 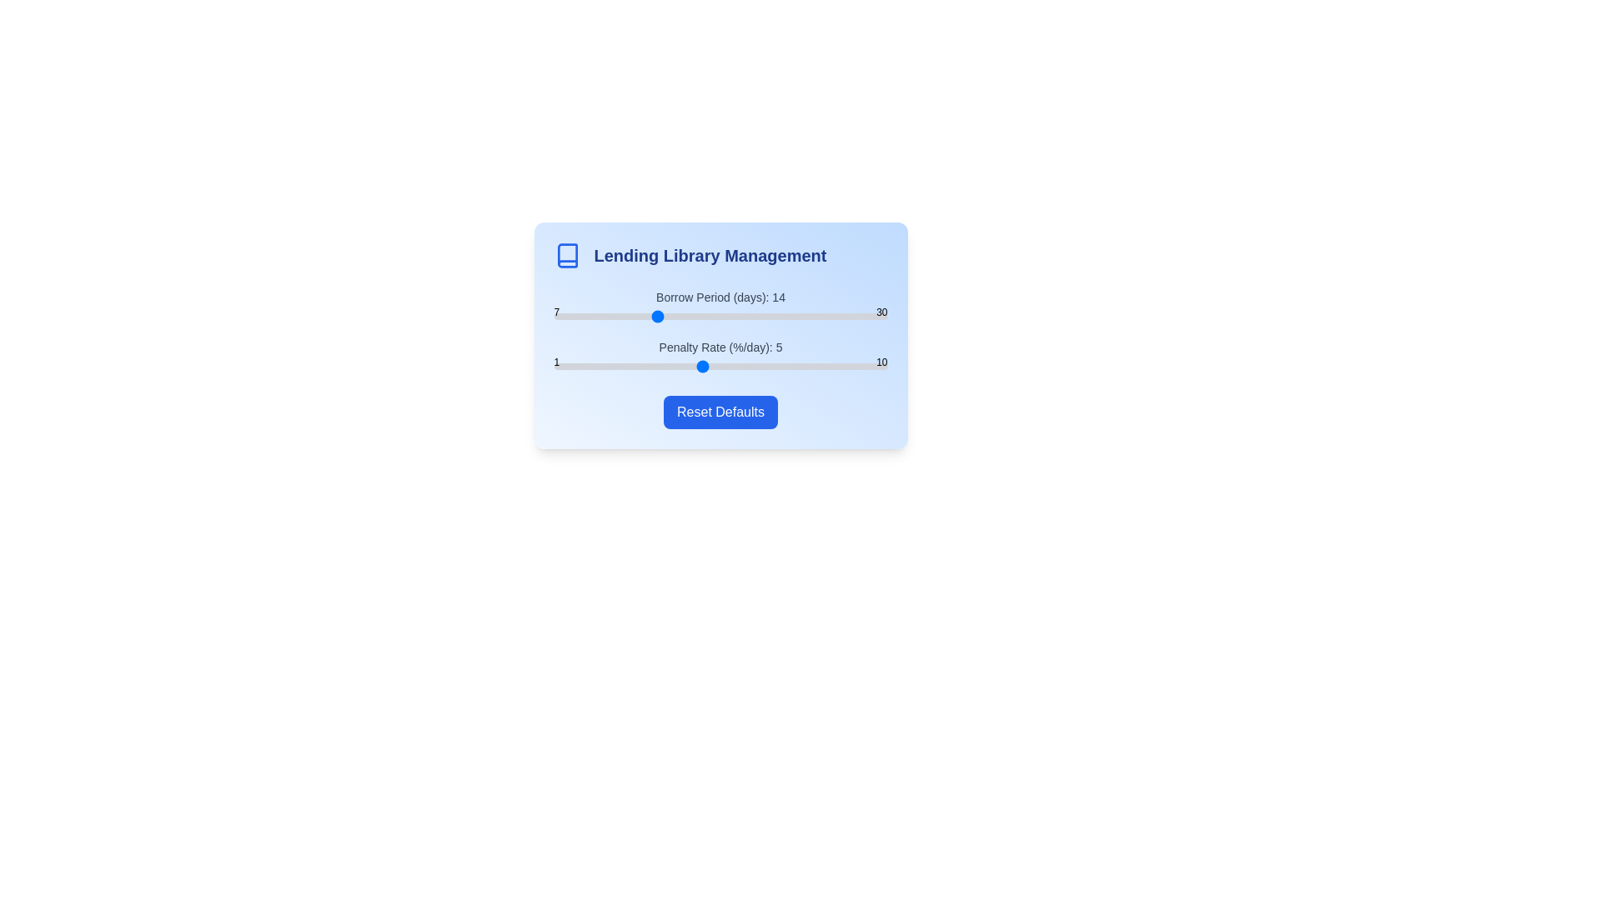 What do you see at coordinates (664, 365) in the screenshot?
I see `the 'Penalty Rate' slider to set the penalty rate to 4%` at bounding box center [664, 365].